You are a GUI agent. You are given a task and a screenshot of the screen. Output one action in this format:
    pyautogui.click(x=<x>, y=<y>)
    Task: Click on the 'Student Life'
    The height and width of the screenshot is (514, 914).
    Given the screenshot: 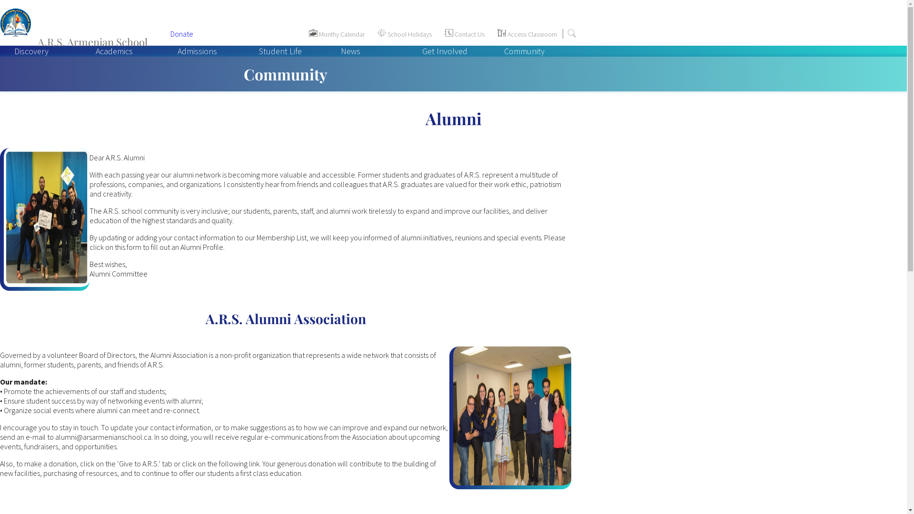 What is the action you would take?
    pyautogui.click(x=280, y=51)
    